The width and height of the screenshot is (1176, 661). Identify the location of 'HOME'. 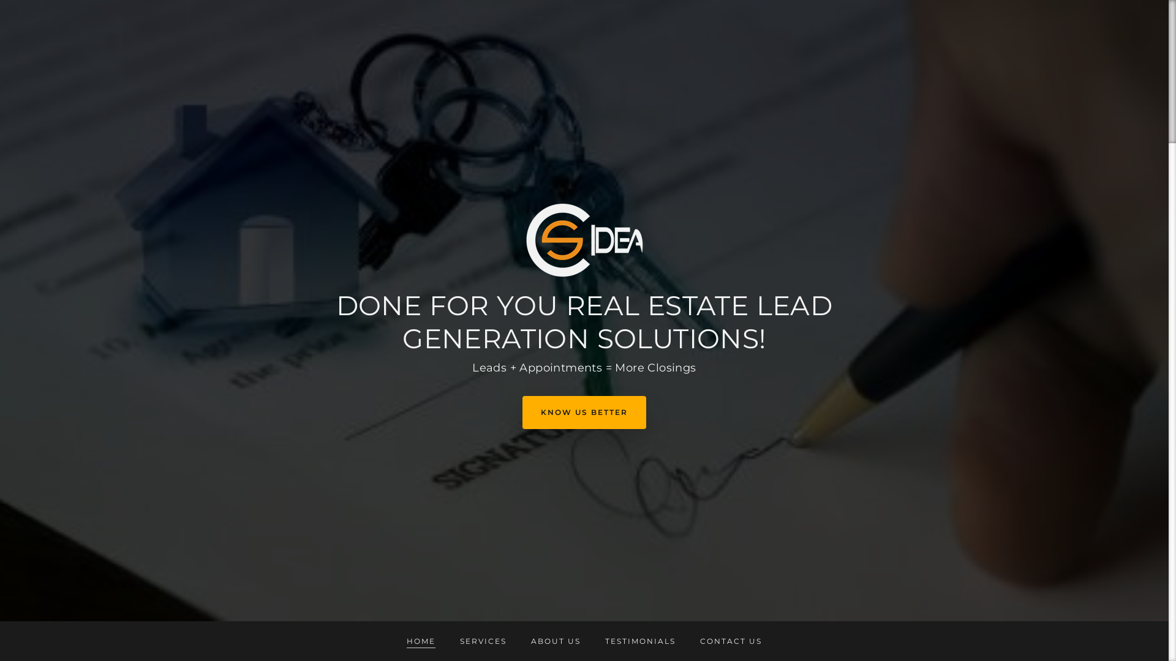
(421, 633).